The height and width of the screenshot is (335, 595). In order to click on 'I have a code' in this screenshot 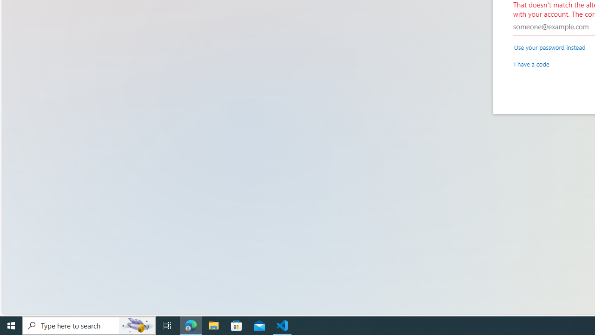, I will do `click(531, 63)`.